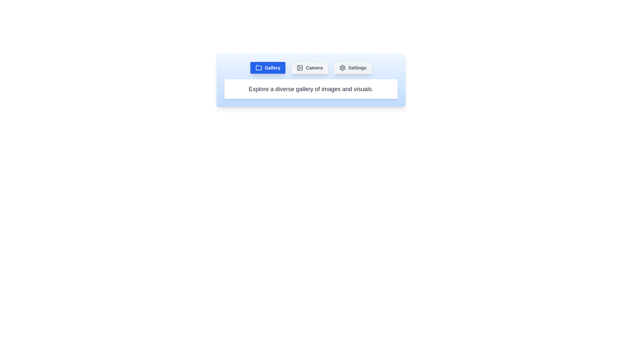  I want to click on the main rectangular base of the camera icon, which is represented as a rounded rectangle within the SVG graphic, so click(300, 68).